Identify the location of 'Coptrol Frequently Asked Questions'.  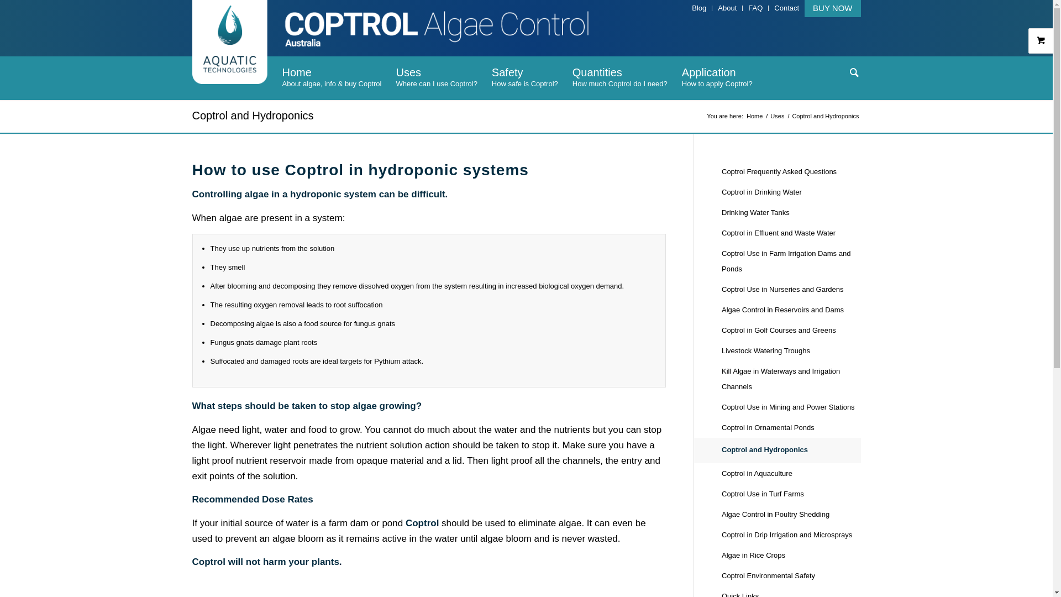
(790, 172).